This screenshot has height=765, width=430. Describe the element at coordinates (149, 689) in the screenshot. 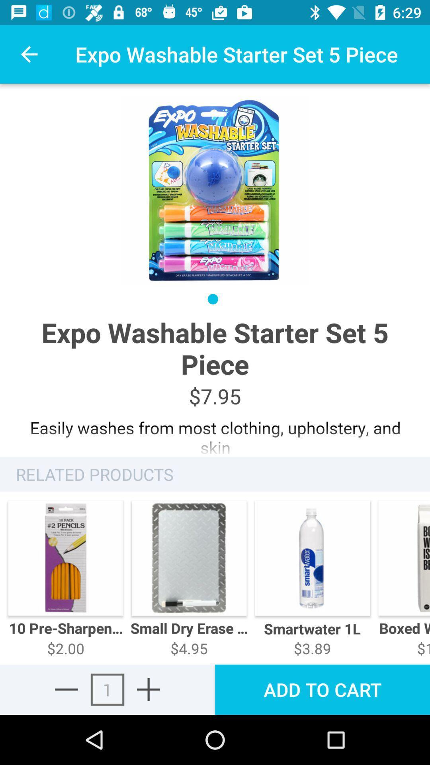

I see `the add icon` at that location.